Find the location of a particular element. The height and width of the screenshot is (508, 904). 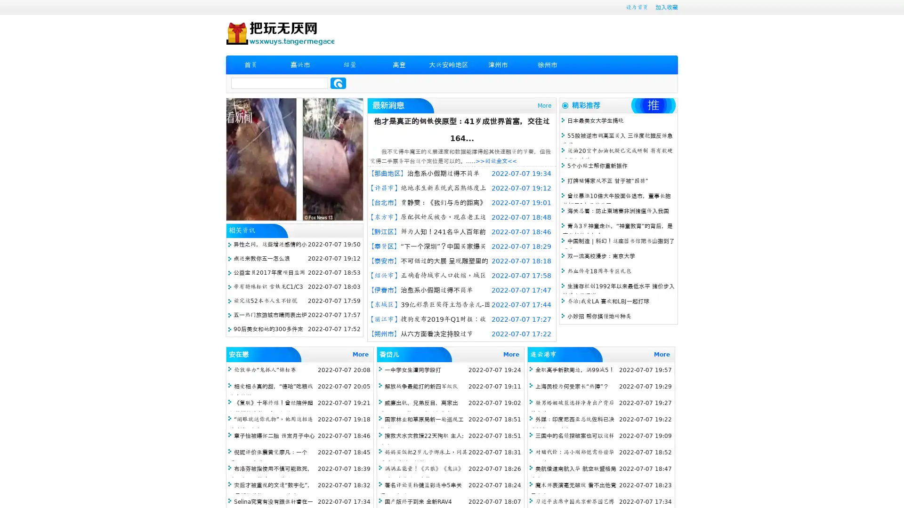

Search is located at coordinates (338, 83).